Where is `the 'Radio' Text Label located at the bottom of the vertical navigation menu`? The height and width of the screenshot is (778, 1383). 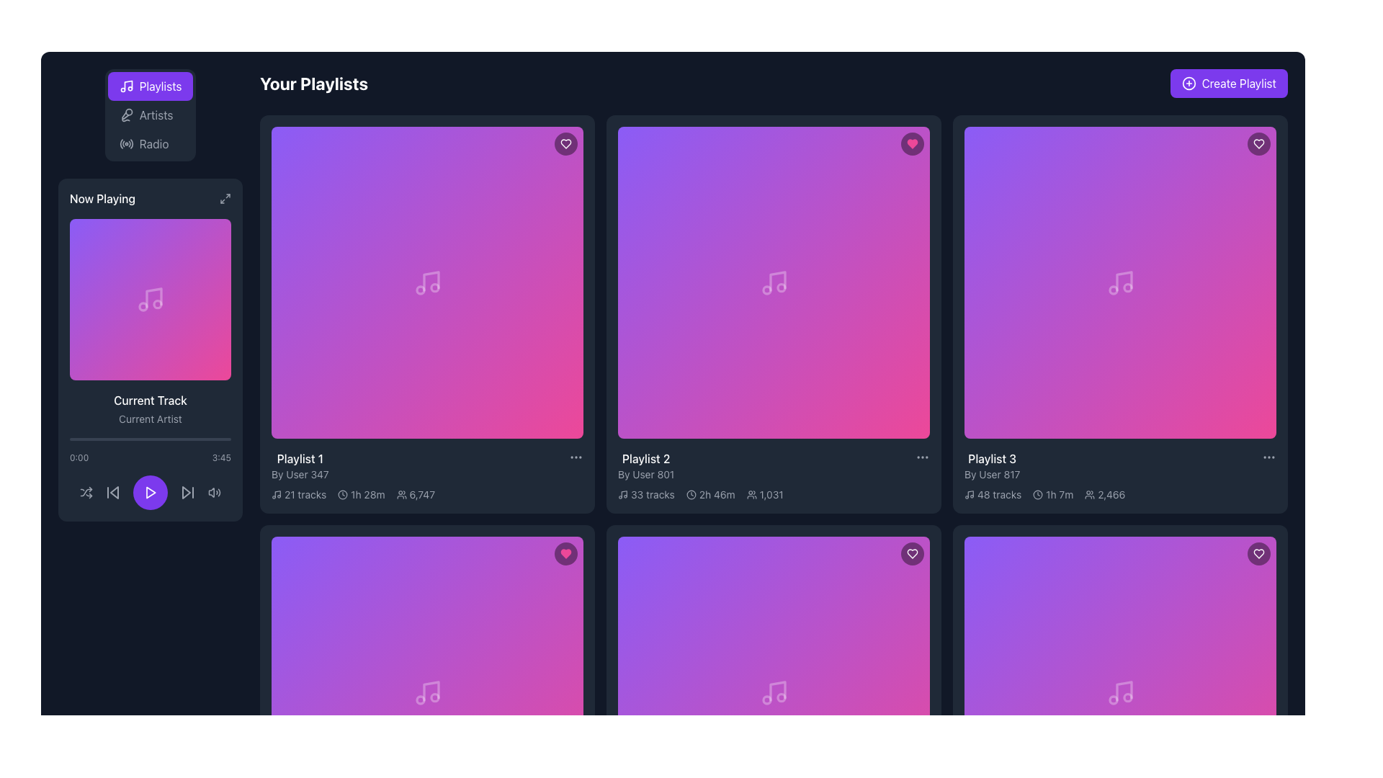
the 'Radio' Text Label located at the bottom of the vertical navigation menu is located at coordinates (154, 144).